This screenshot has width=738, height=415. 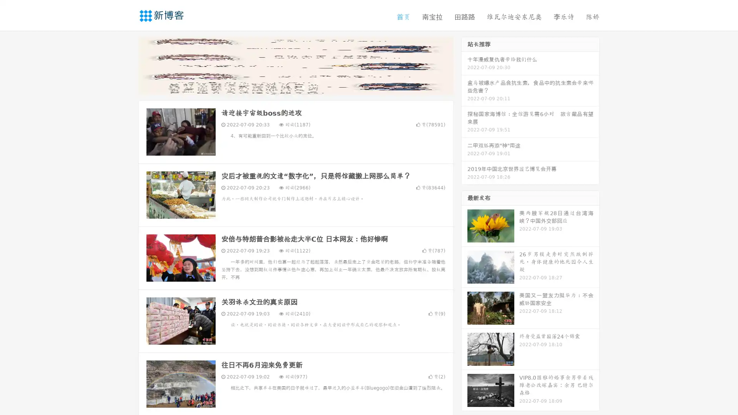 I want to click on Go to slide 1, so click(x=288, y=86).